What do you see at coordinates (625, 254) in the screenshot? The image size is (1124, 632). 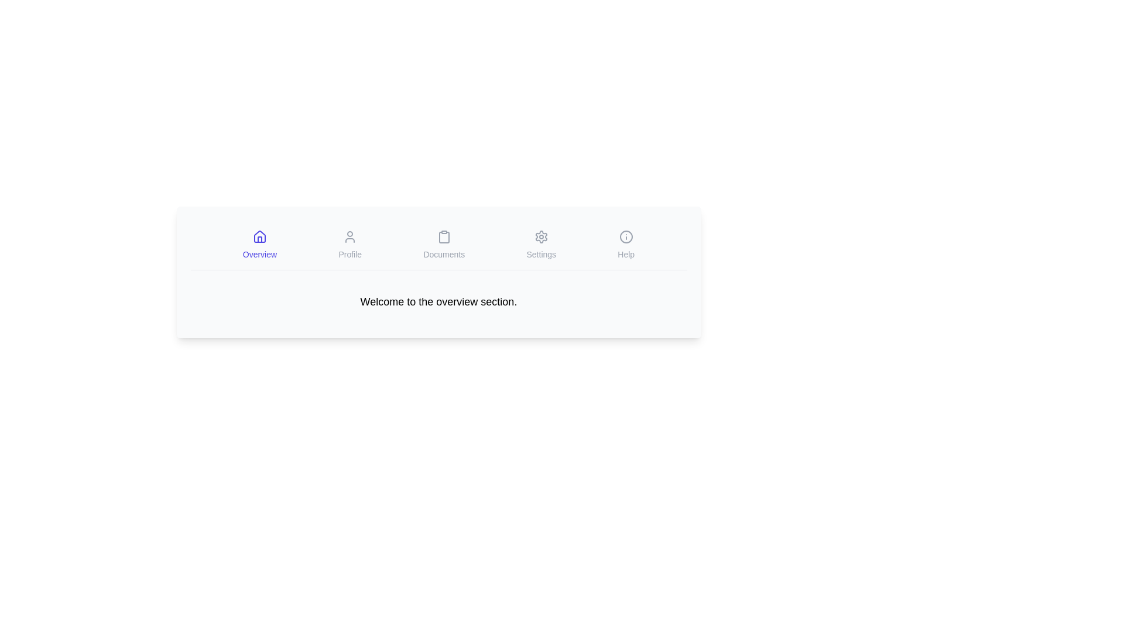 I see `the 'Help' text label, which is a small gray font label located below an info icon in the bottom-right of the page, within the horizontal navigation menu` at bounding box center [625, 254].